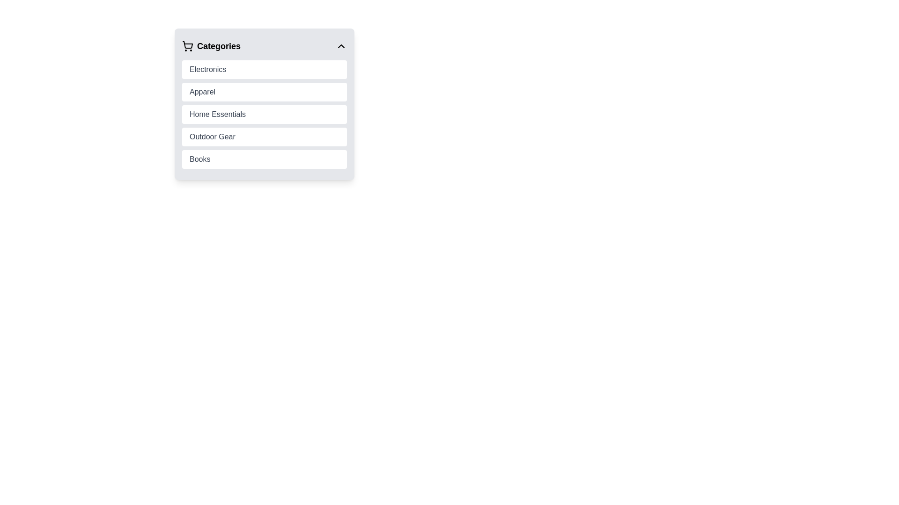  What do you see at coordinates (187, 45) in the screenshot?
I see `the stylized shopping cart icon located to the left of the 'Categories' header in the interface` at bounding box center [187, 45].